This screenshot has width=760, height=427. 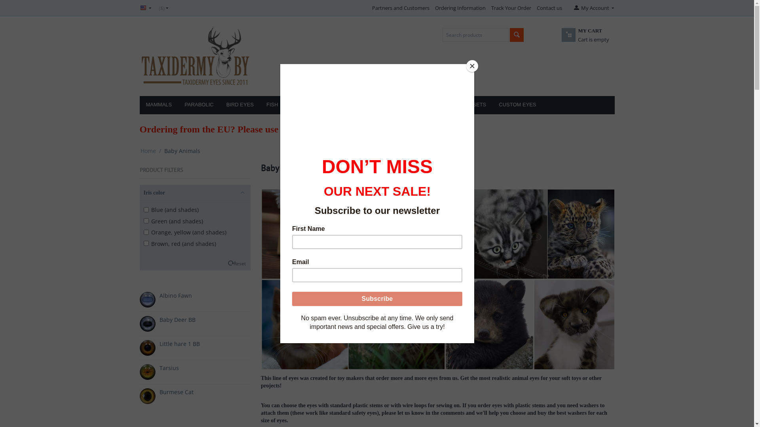 What do you see at coordinates (517, 105) in the screenshot?
I see `'CUSTOM EYES'` at bounding box center [517, 105].